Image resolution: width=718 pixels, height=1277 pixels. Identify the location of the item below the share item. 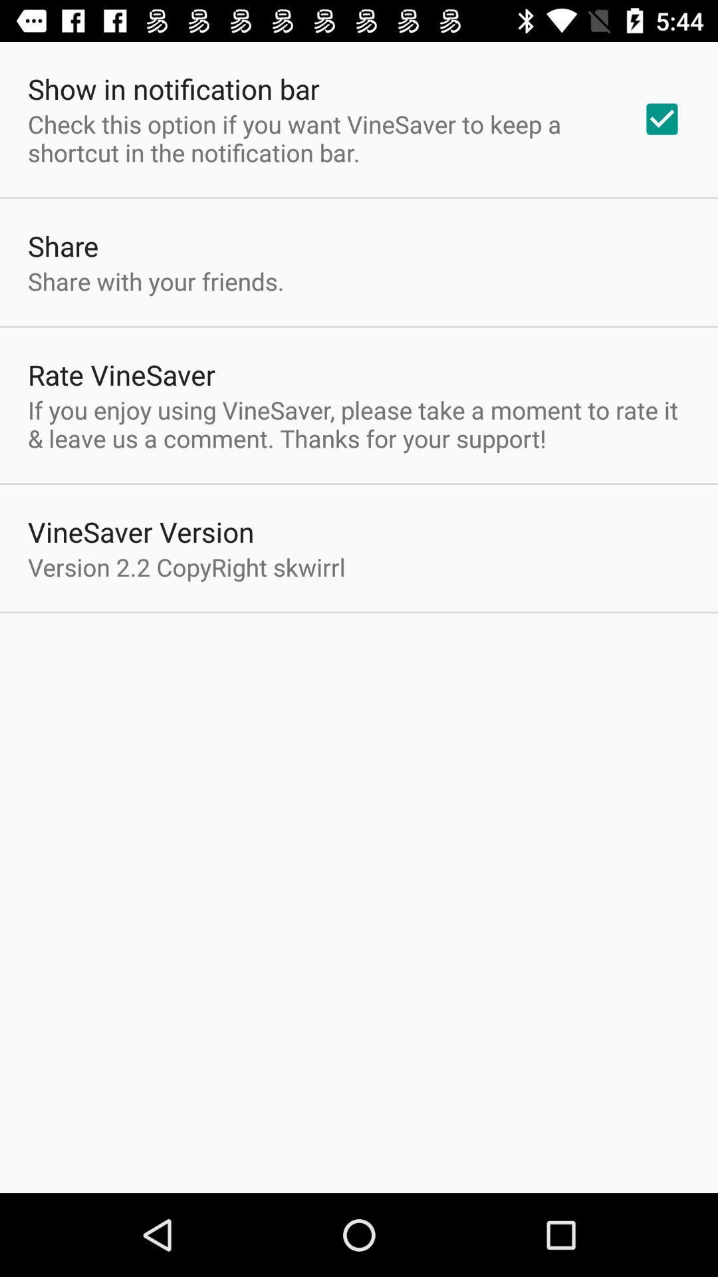
(155, 280).